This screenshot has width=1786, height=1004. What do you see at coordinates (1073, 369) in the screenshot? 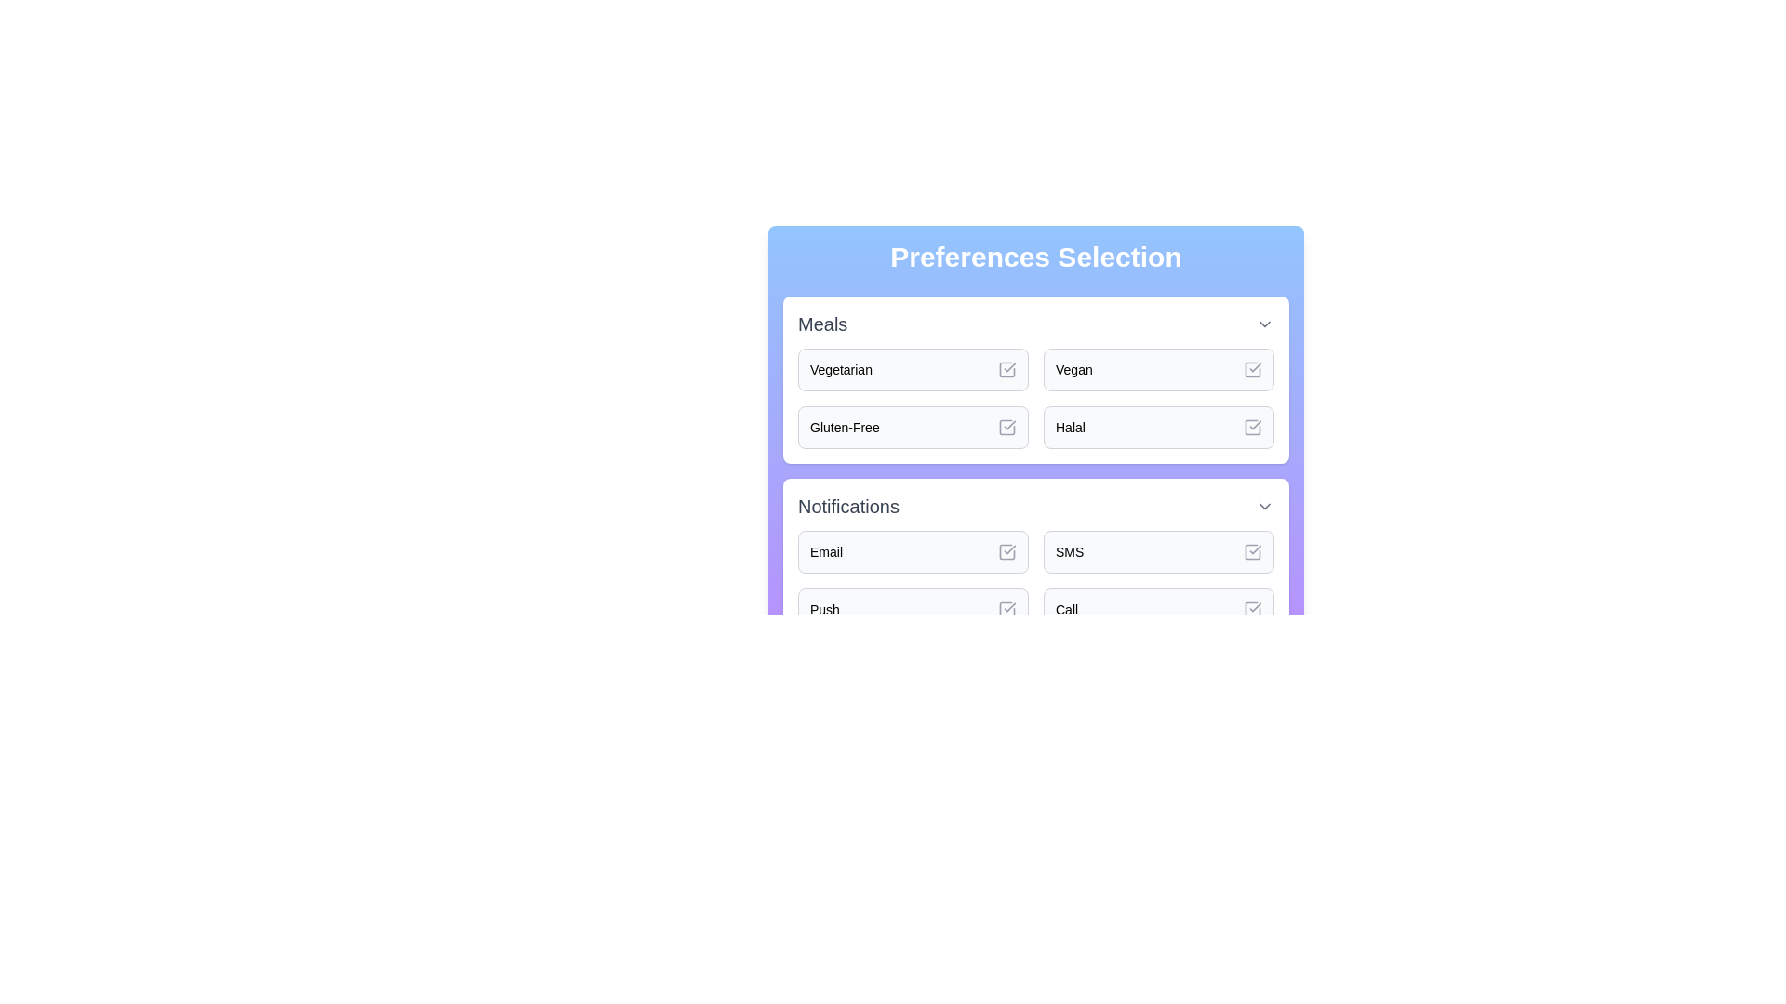
I see `the 'Vegan' text label located in the top row and second column of the 'Meals' preference section, which is styled in a small font size and medium weight, displaying the text 'Vegan'` at bounding box center [1073, 369].